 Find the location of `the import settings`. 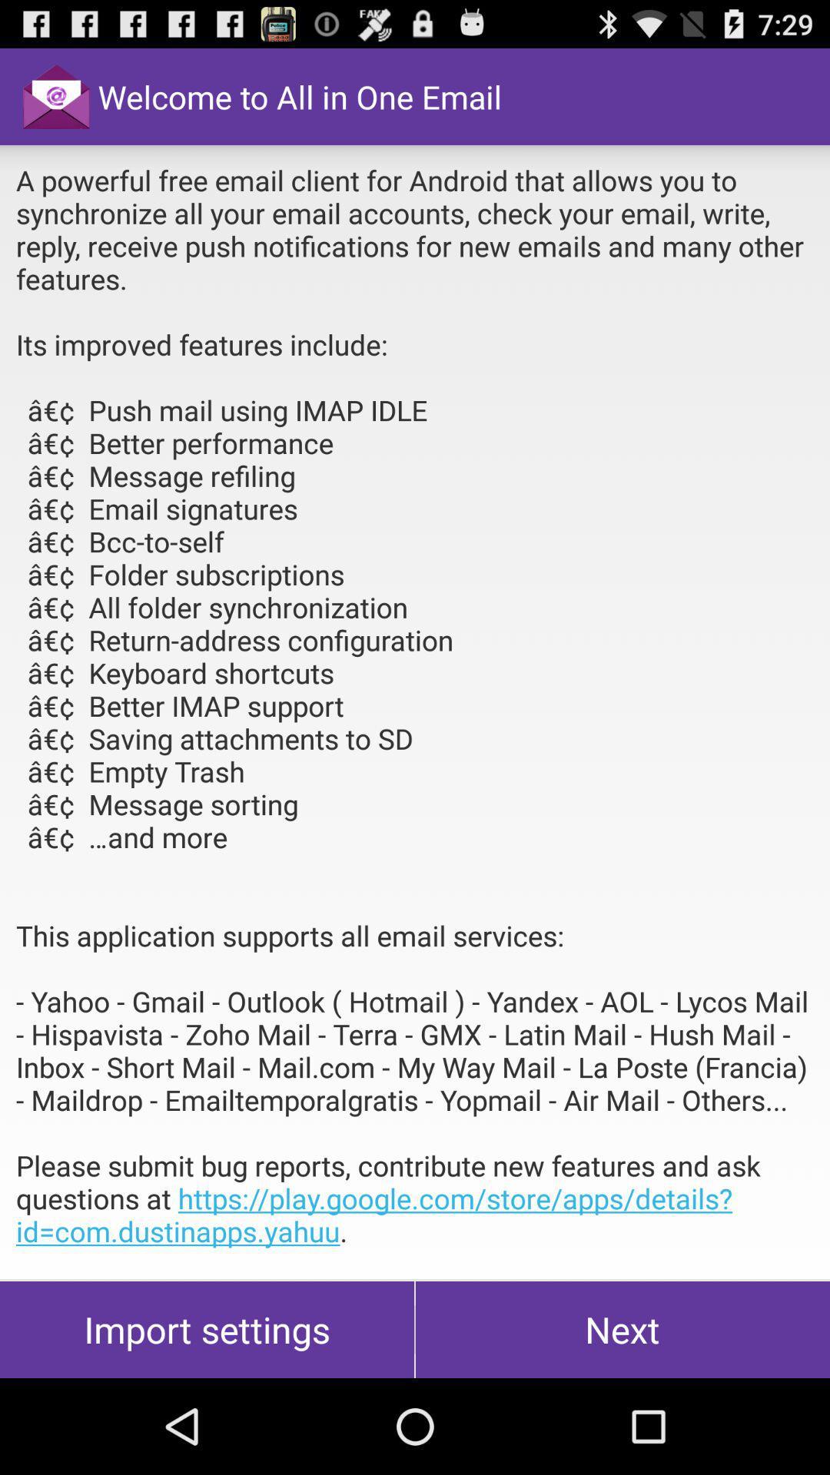

the import settings is located at coordinates (206, 1329).